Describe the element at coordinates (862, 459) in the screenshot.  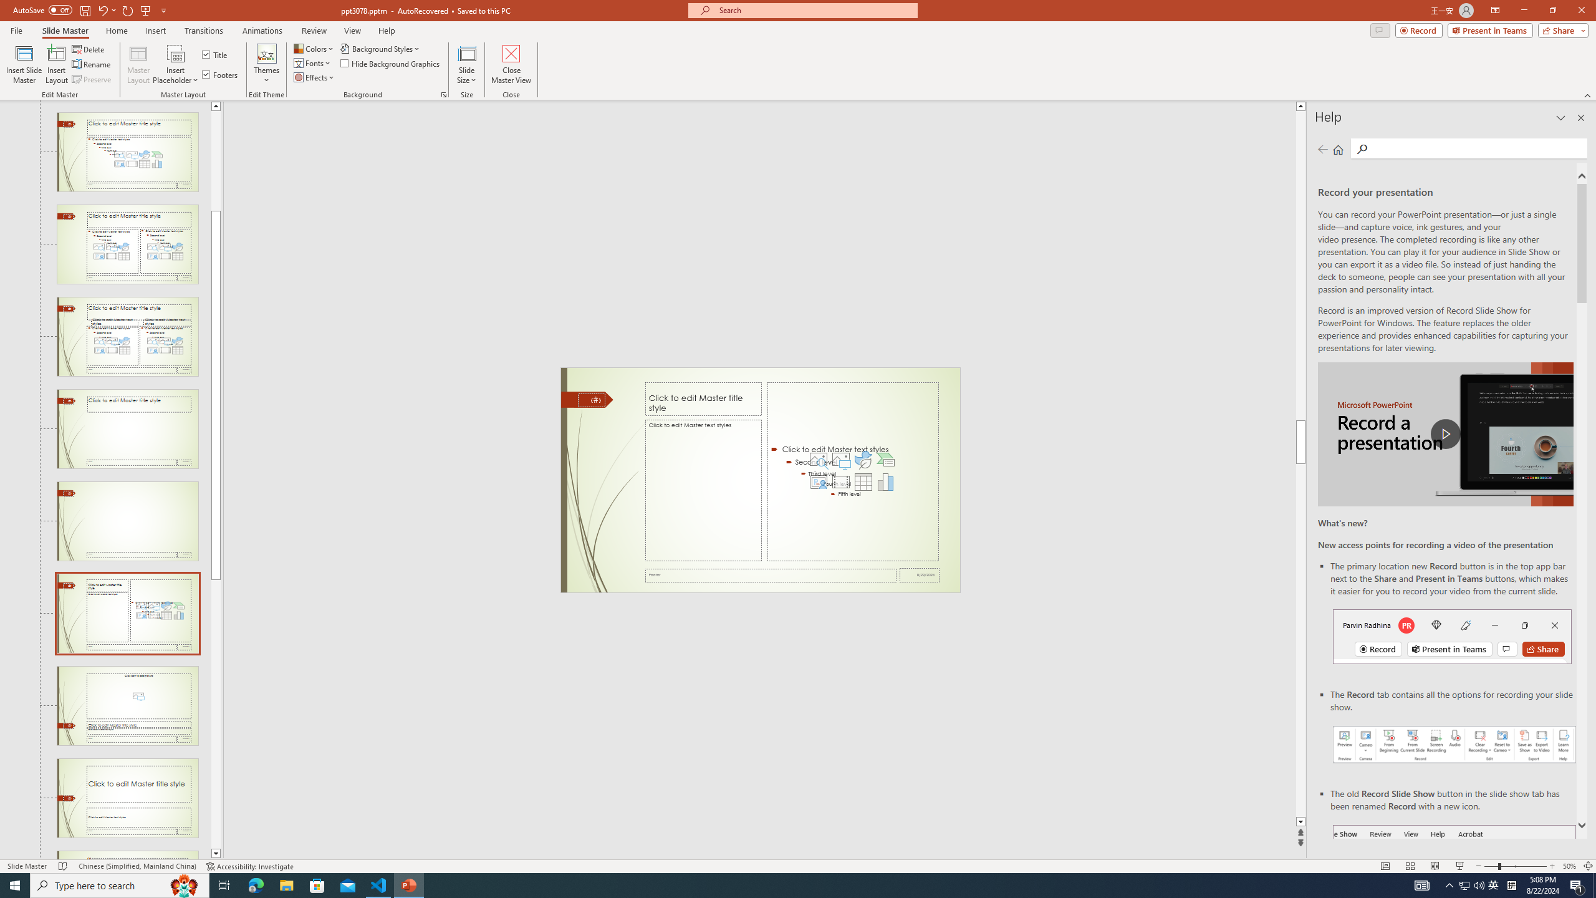
I see `'Insert an Icon'` at that location.